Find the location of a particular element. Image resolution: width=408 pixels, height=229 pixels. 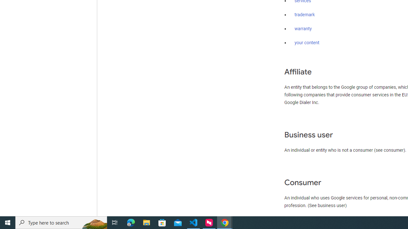

'your content' is located at coordinates (307, 43).